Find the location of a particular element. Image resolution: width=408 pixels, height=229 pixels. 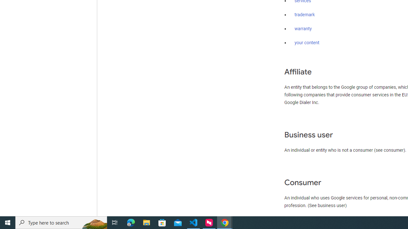

'your content' is located at coordinates (307, 43).